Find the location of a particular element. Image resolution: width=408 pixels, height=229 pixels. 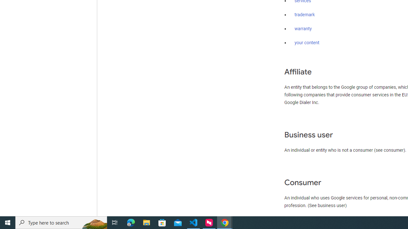

'your content' is located at coordinates (307, 43).